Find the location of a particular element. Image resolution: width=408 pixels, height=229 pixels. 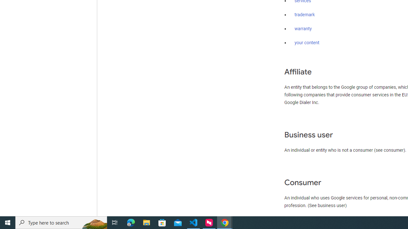

'your content' is located at coordinates (307, 43).